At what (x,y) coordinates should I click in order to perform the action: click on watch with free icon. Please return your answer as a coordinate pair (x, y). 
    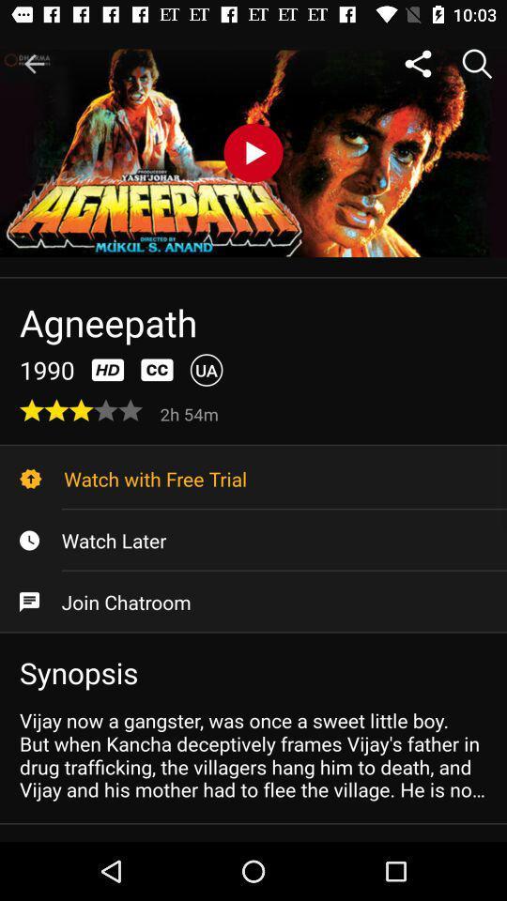
    Looking at the image, I should click on (253, 478).